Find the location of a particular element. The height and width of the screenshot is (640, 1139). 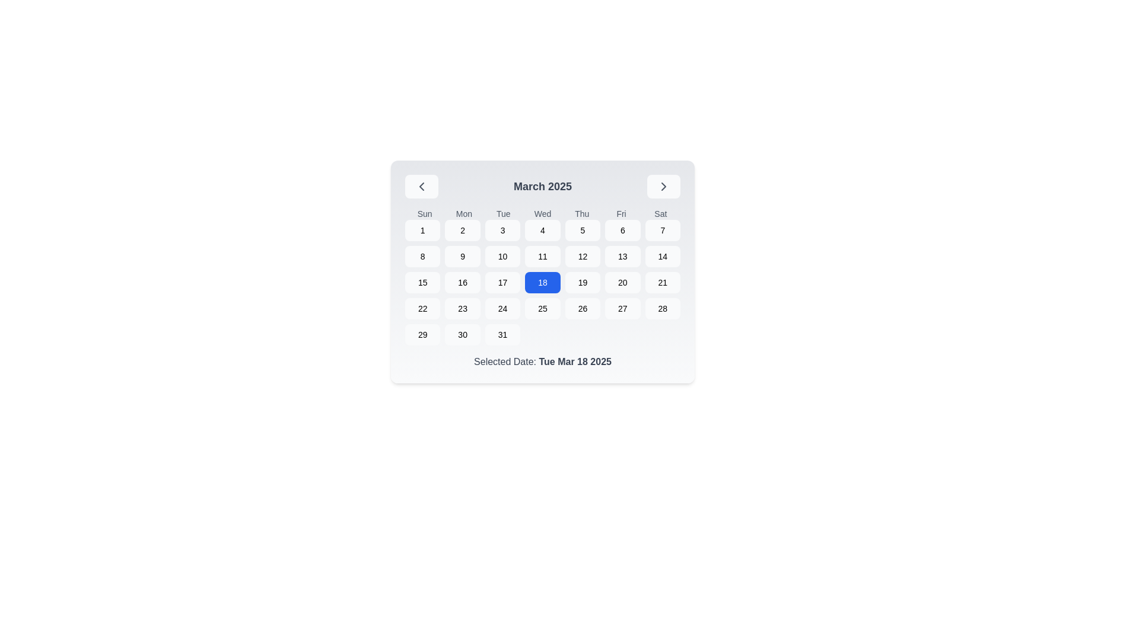

the rounded rectangular button with a left-pointing chevron icon, located to the left of the text 'March 2025', to trigger its visual hover state is located at coordinates (421, 187).